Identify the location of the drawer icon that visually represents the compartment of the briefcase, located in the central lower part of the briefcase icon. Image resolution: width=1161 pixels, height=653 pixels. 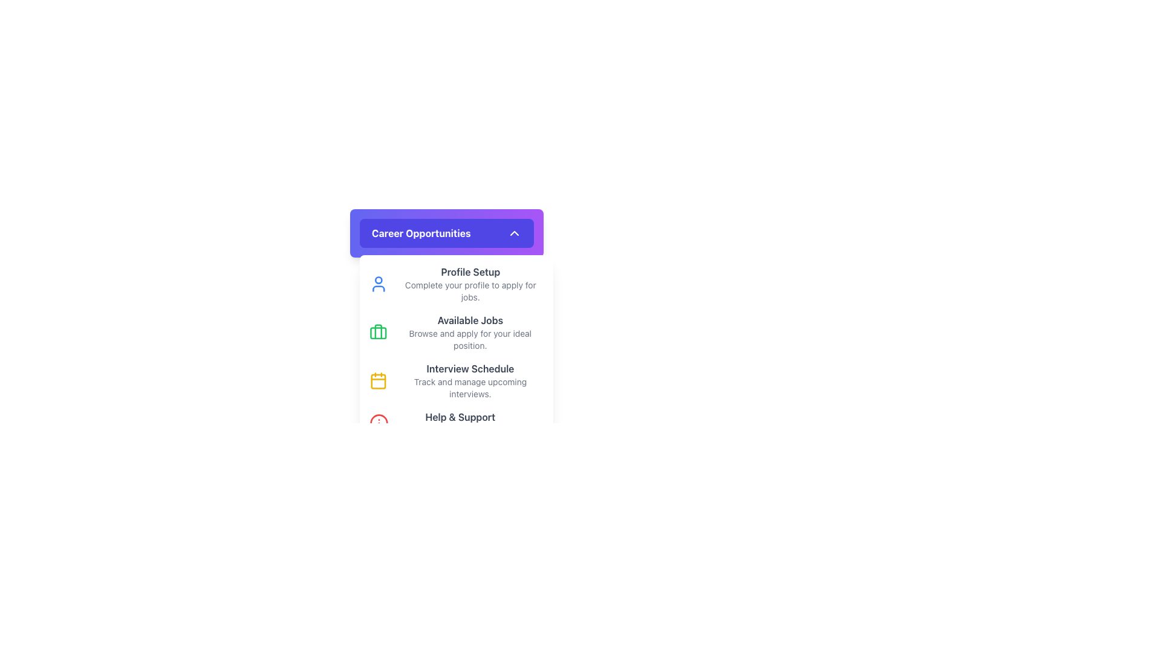
(377, 333).